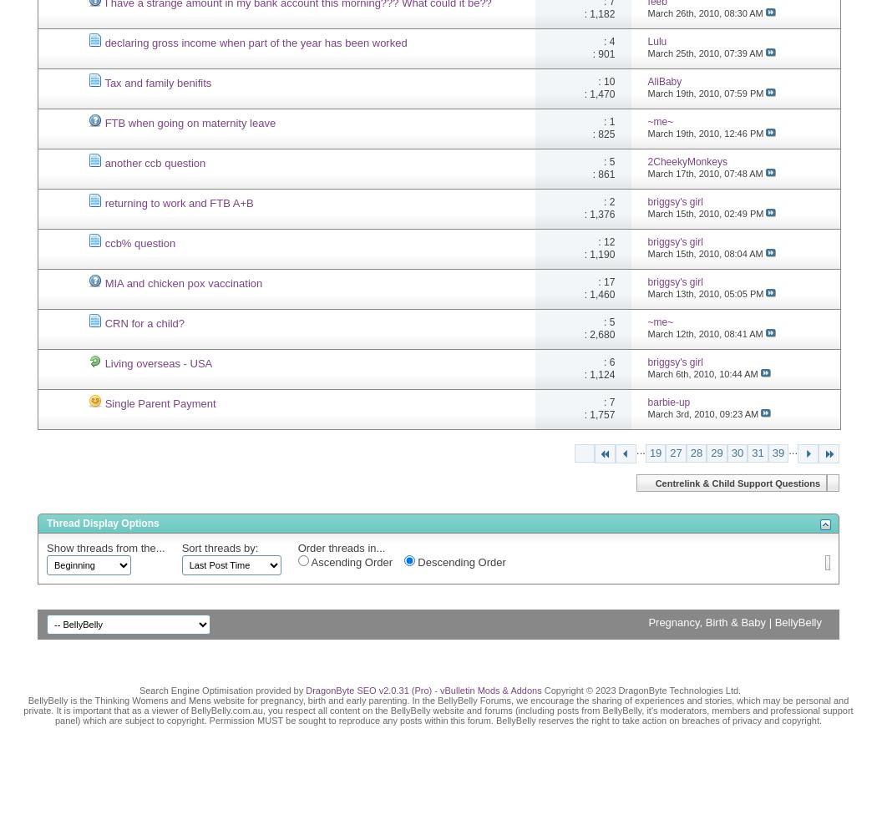 The image size is (877, 835). Describe the element at coordinates (734, 620) in the screenshot. I see `'Pregnancy, Birth & Baby | BellyBelly'` at that location.